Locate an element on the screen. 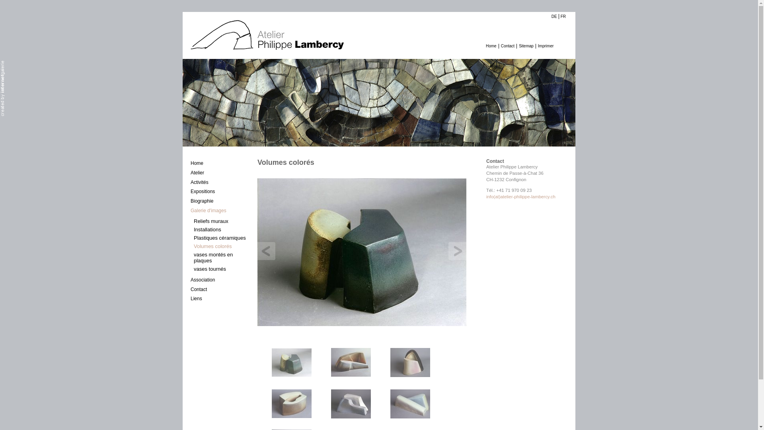 This screenshot has width=764, height=430. 'Imprimer' is located at coordinates (545, 46).